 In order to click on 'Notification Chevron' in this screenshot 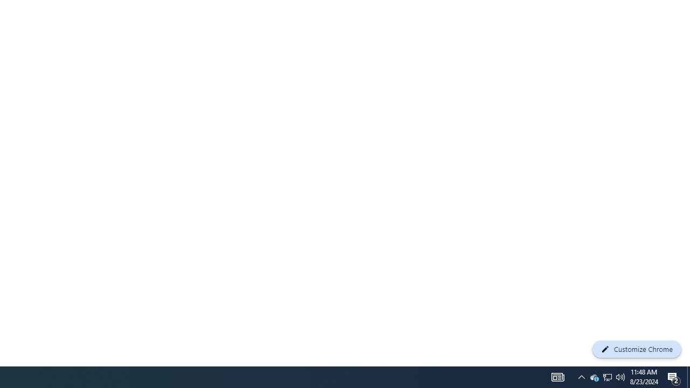, I will do `click(581, 376)`.